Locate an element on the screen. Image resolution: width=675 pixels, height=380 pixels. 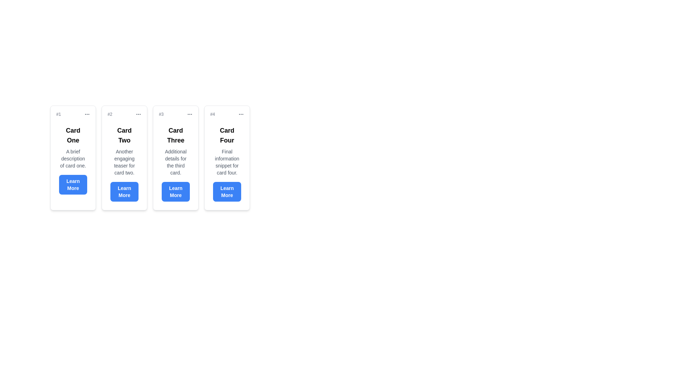
text of the title label in the second card, which identifies the card it belongs to and is positioned near the top of the card is located at coordinates (124, 135).